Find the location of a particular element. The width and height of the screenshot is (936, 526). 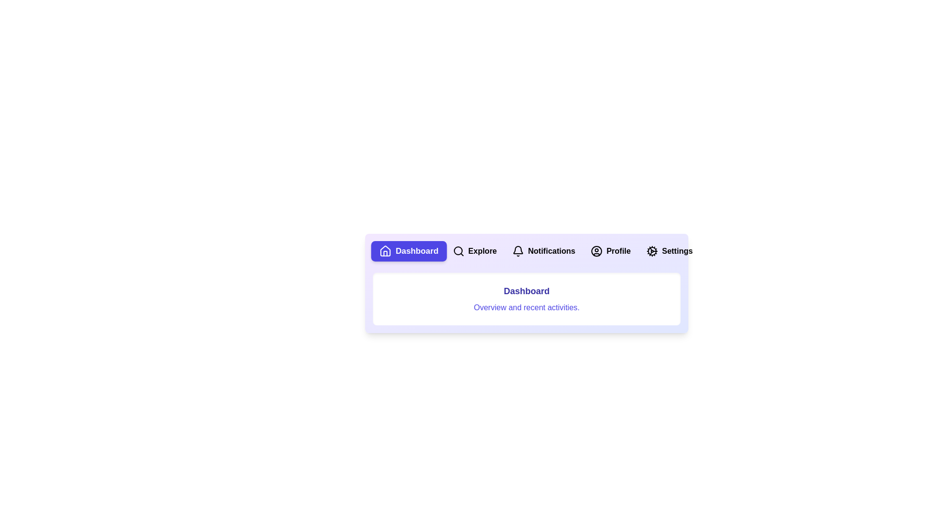

the Dashboard tab by clicking on its respective button is located at coordinates (409, 251).